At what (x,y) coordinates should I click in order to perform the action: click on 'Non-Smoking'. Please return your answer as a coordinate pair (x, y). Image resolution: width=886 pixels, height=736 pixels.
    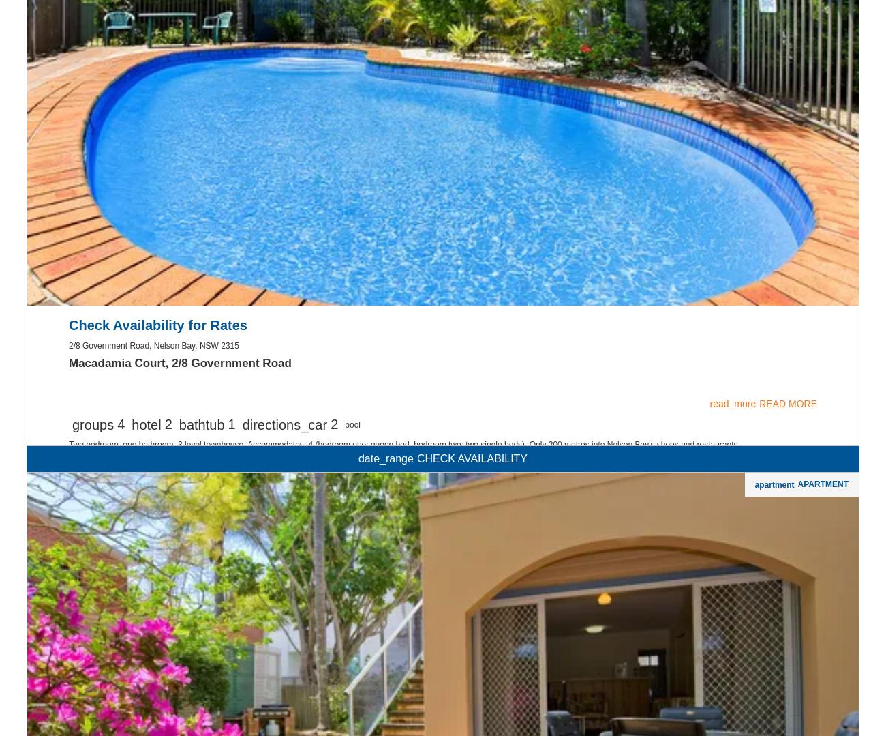
    Looking at the image, I should click on (442, 91).